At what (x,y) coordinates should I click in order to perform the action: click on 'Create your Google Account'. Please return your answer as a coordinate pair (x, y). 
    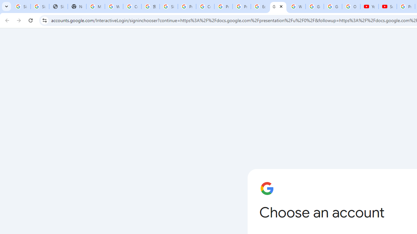
    Looking at the image, I should click on (205, 6).